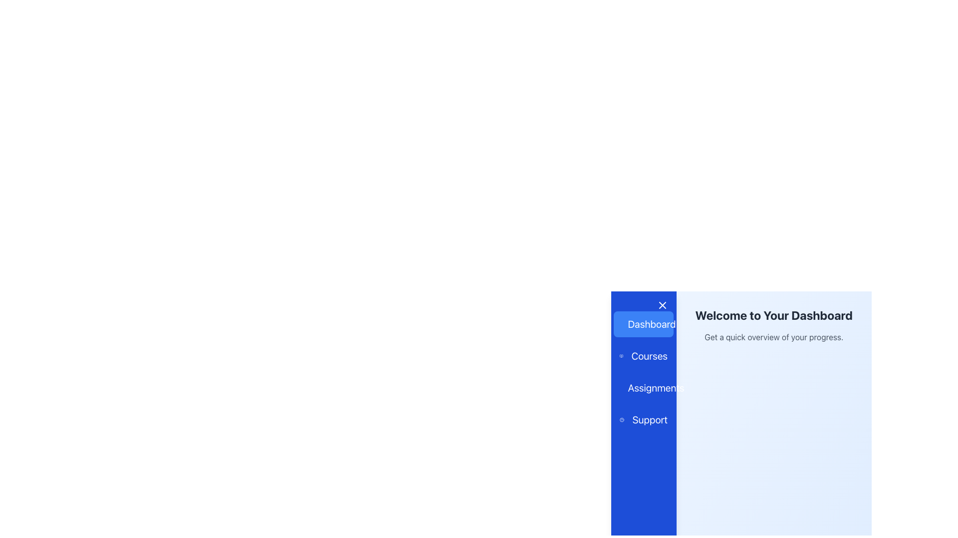  I want to click on the navigation button located in the left sidebar menu, directly below the close ('X') button, so click(644, 324).